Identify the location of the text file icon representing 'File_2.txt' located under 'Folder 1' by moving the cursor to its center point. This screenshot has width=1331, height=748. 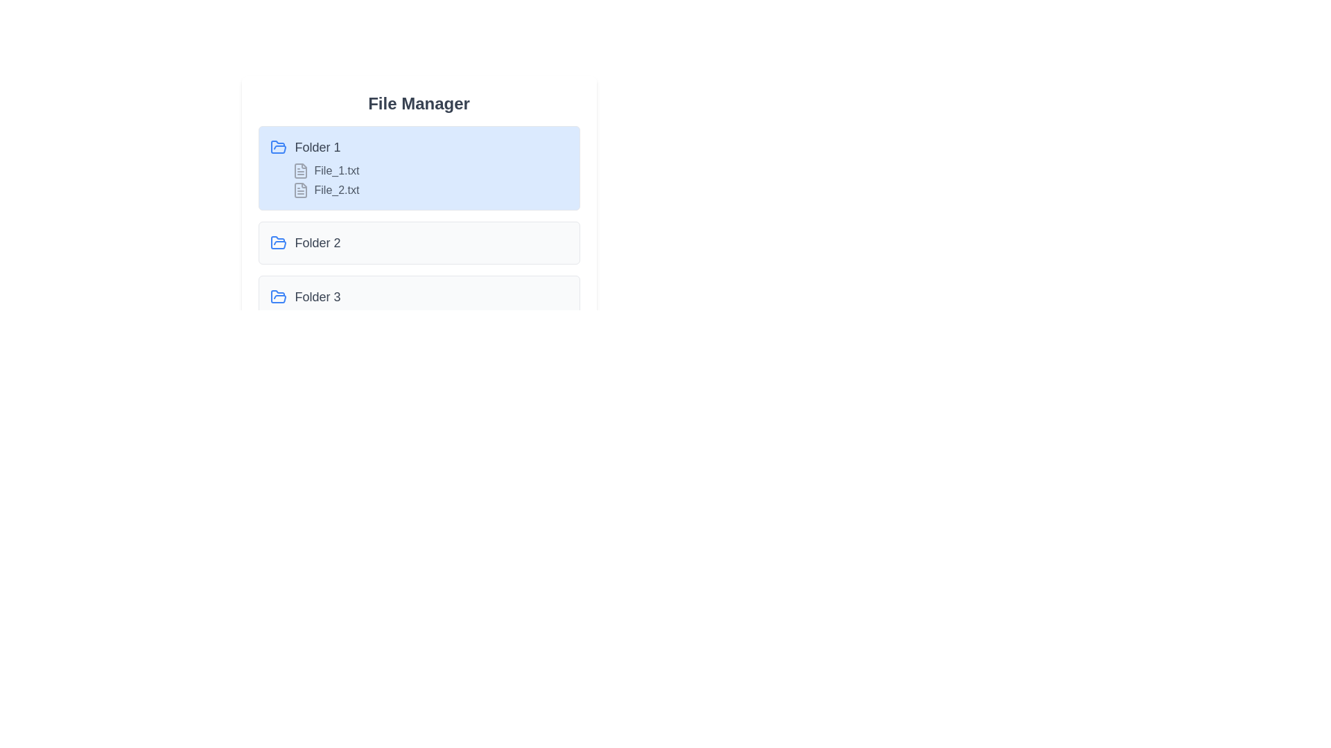
(299, 190).